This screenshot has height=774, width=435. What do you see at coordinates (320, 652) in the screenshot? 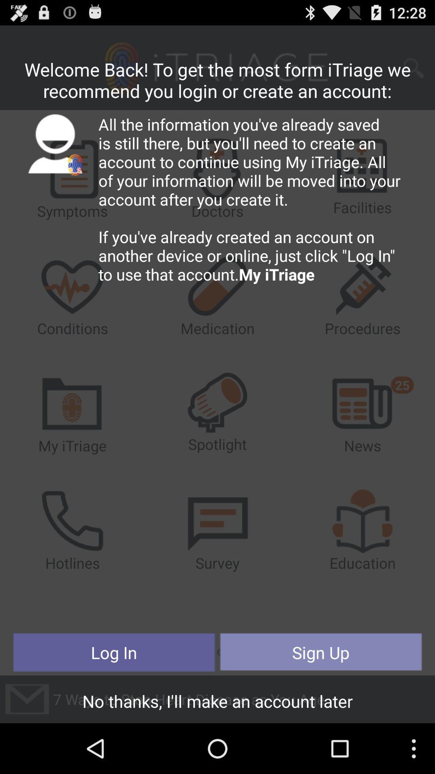
I see `item above the no thanks i` at bounding box center [320, 652].